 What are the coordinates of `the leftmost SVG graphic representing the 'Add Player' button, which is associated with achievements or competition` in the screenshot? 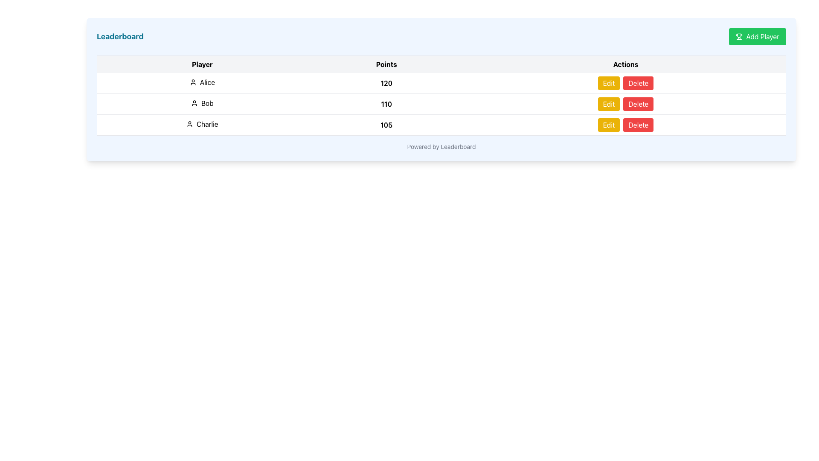 It's located at (739, 36).